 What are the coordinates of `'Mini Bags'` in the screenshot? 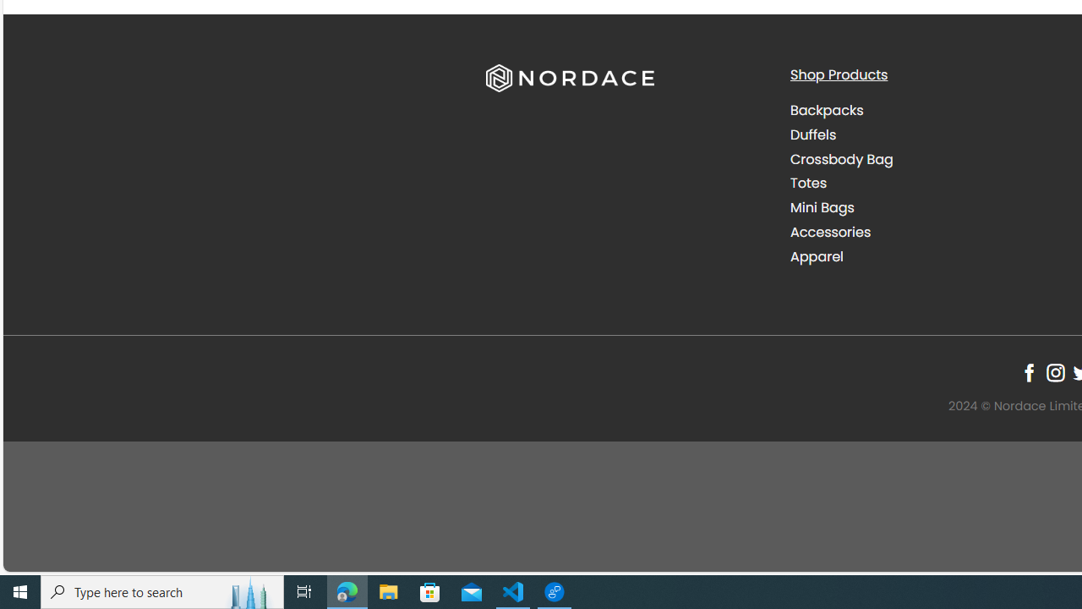 It's located at (822, 206).